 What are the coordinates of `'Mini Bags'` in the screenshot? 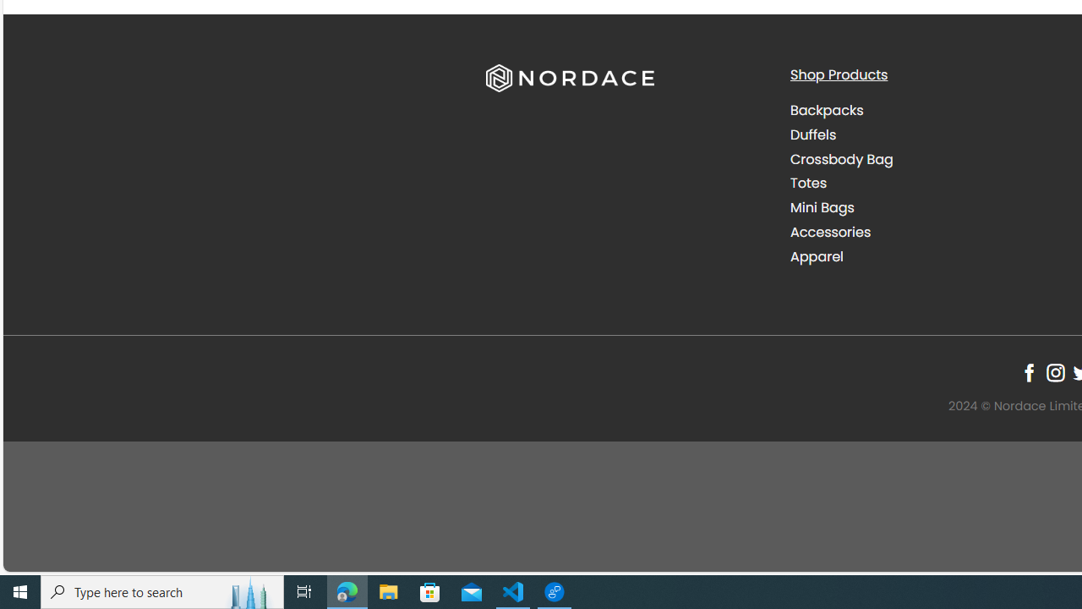 It's located at (822, 206).